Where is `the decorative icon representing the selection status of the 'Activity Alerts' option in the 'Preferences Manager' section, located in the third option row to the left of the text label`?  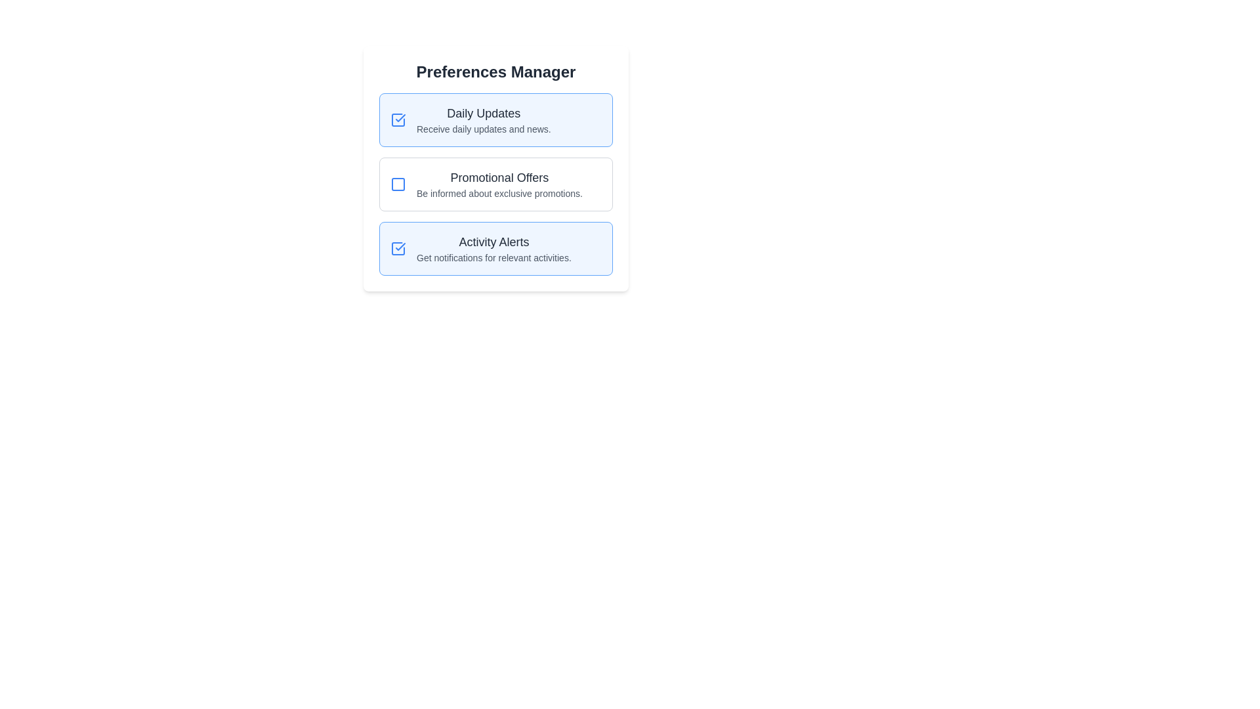 the decorative icon representing the selection status of the 'Activity Alerts' option in the 'Preferences Manager' section, located in the third option row to the left of the text label is located at coordinates (400, 246).